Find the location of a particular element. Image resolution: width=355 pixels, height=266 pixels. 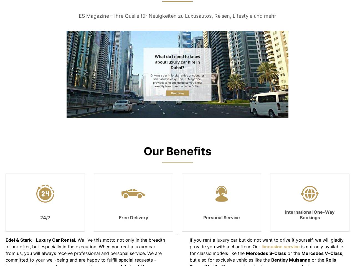

'Mercedes S-Class' is located at coordinates (266, 253).